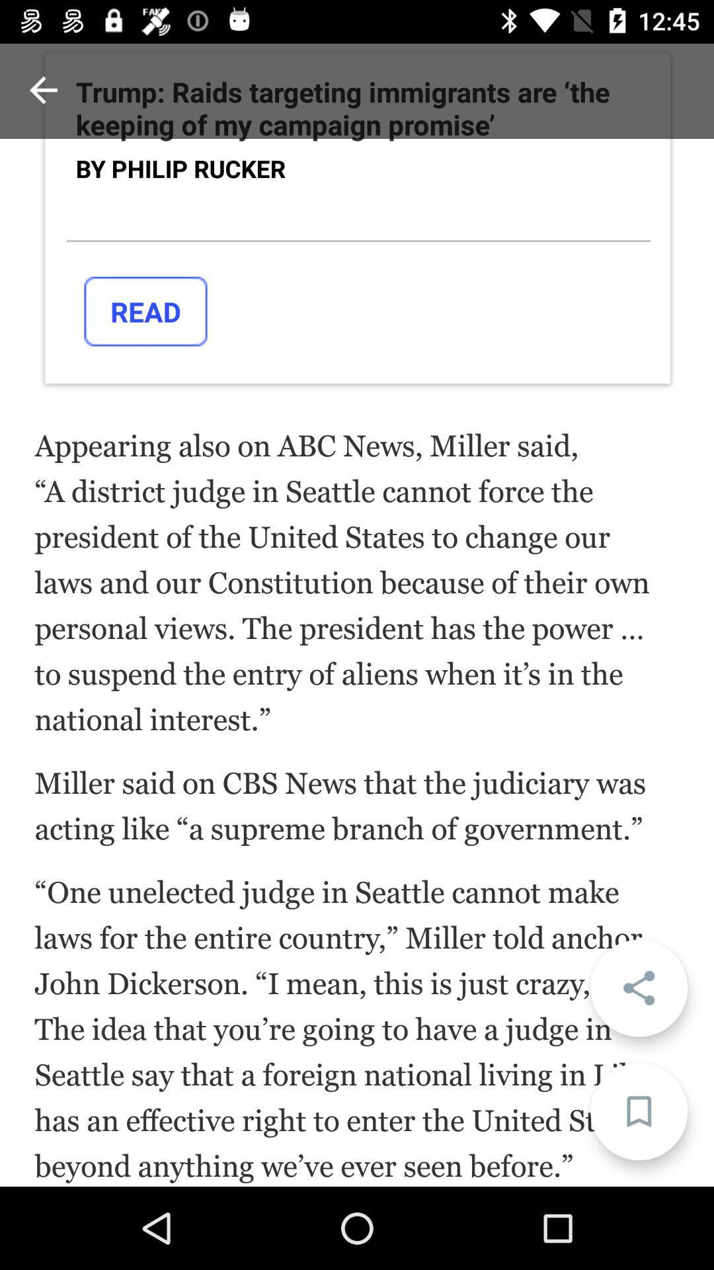 The height and width of the screenshot is (1270, 714). I want to click on the bookmark icon, so click(638, 1111).